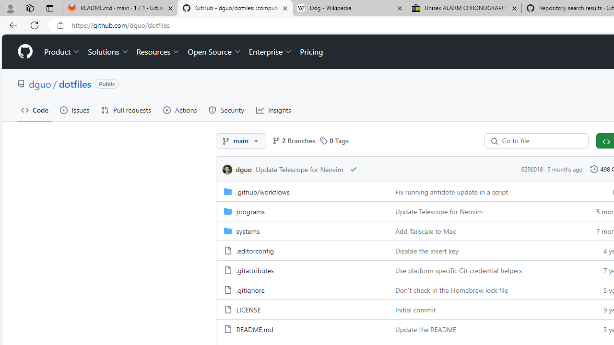  What do you see at coordinates (213, 52) in the screenshot?
I see `'Open Source'` at bounding box center [213, 52].